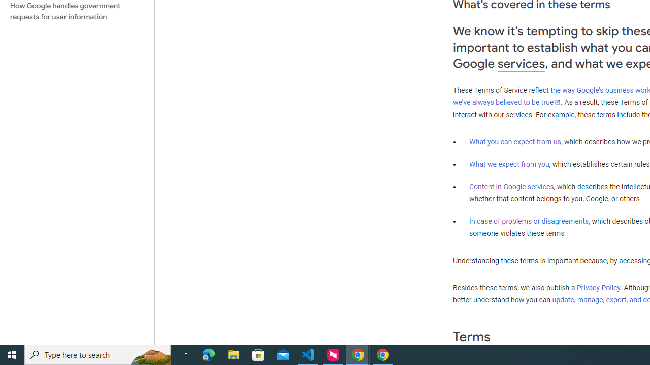 This screenshot has width=650, height=365. What do you see at coordinates (509, 164) in the screenshot?
I see `'What we expect from you'` at bounding box center [509, 164].